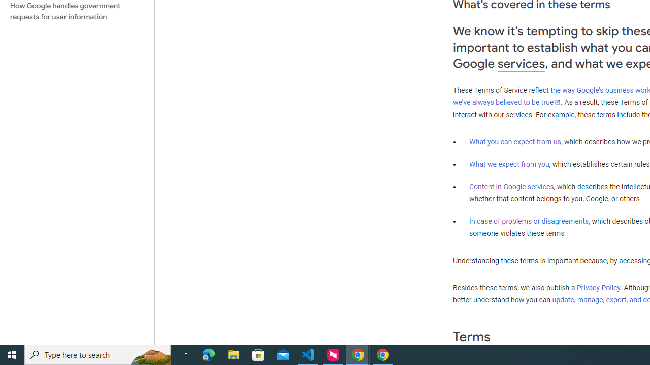 This screenshot has width=650, height=365. What do you see at coordinates (509, 164) in the screenshot?
I see `'What we expect from you'` at bounding box center [509, 164].